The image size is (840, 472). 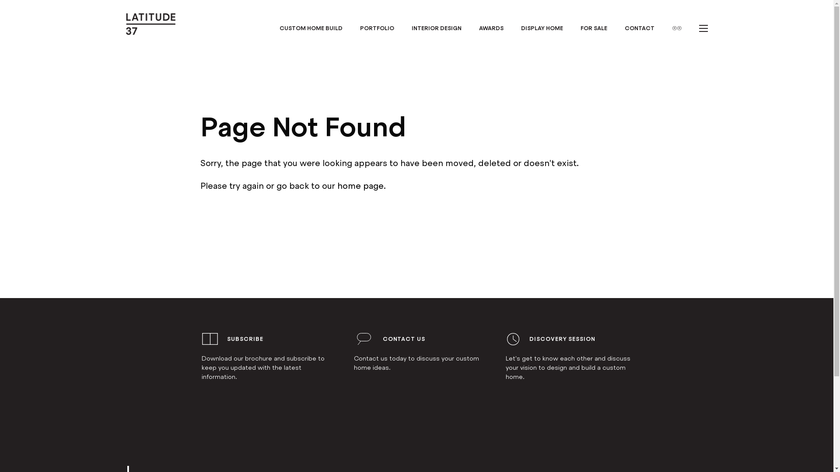 What do you see at coordinates (336, 185) in the screenshot?
I see `'home page'` at bounding box center [336, 185].